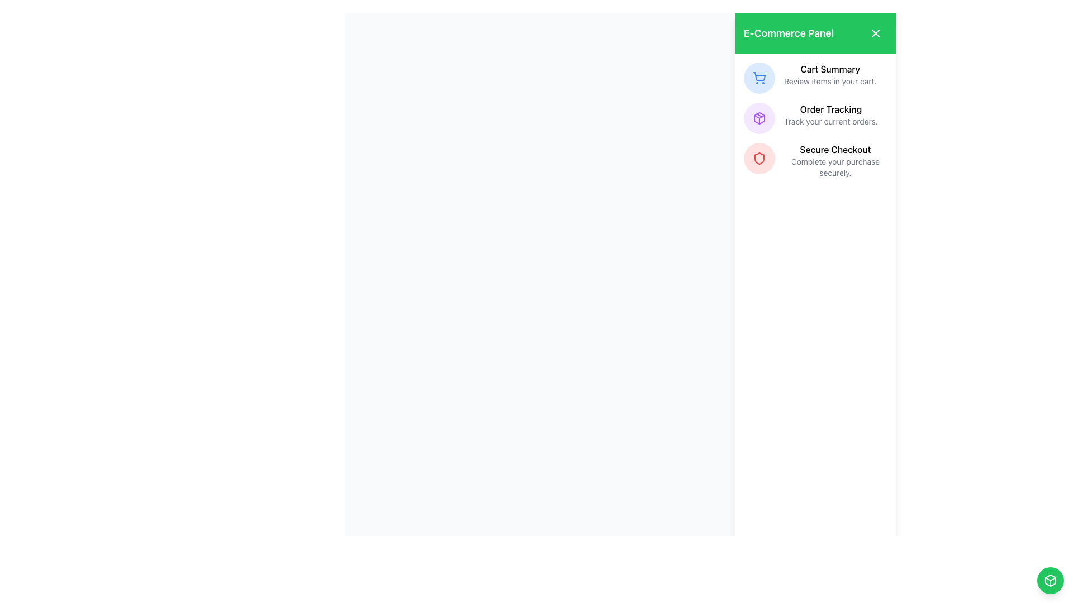  I want to click on the shield-shaped icon located to the left of the 'Secure Checkout' text in the E-Commerce Panel, so click(759, 159).